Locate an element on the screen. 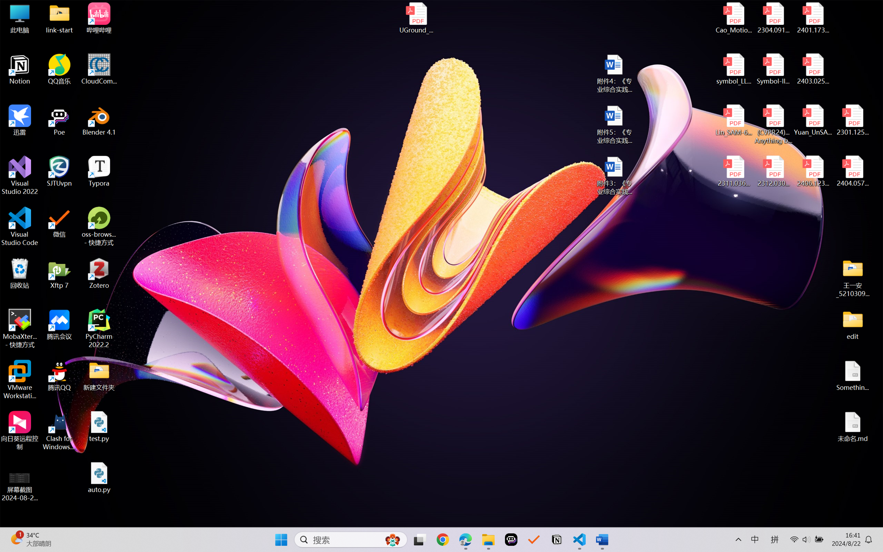 The image size is (883, 552). 'Symbol-llm-v2.pdf' is located at coordinates (773, 69).